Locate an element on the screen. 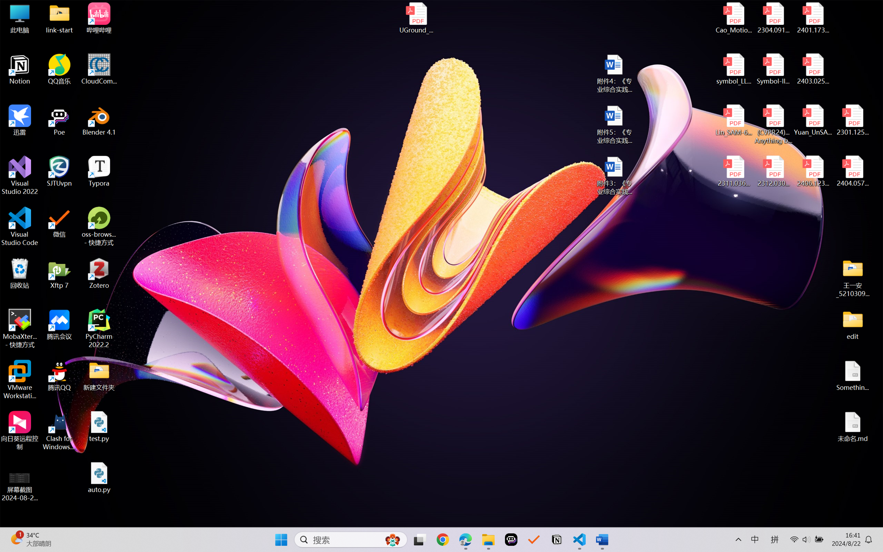 The image size is (883, 552). 'Symbol-llm-v2.pdf' is located at coordinates (773, 69).